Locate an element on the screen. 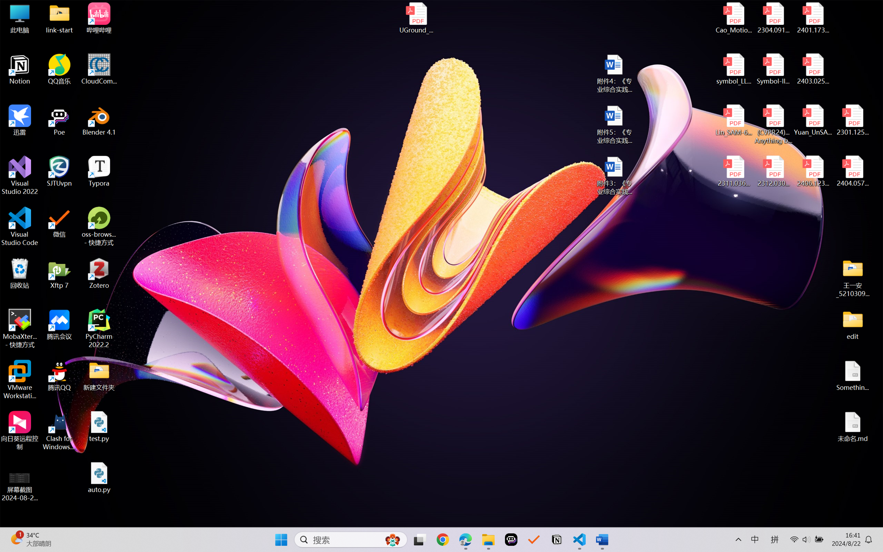 The image size is (883, 552). 'Symbol-llm-v2.pdf' is located at coordinates (773, 69).